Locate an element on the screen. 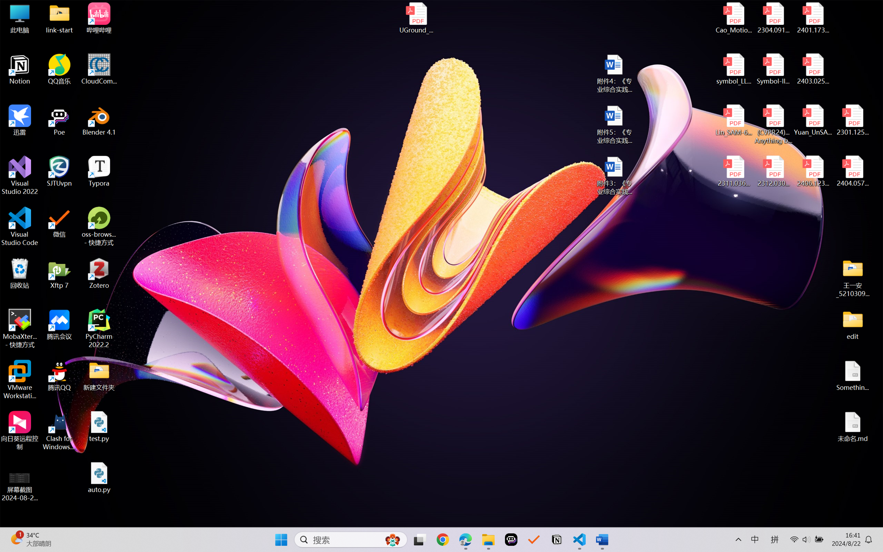 The image size is (883, 552). 'Symbol-llm-v2.pdf' is located at coordinates (773, 69).